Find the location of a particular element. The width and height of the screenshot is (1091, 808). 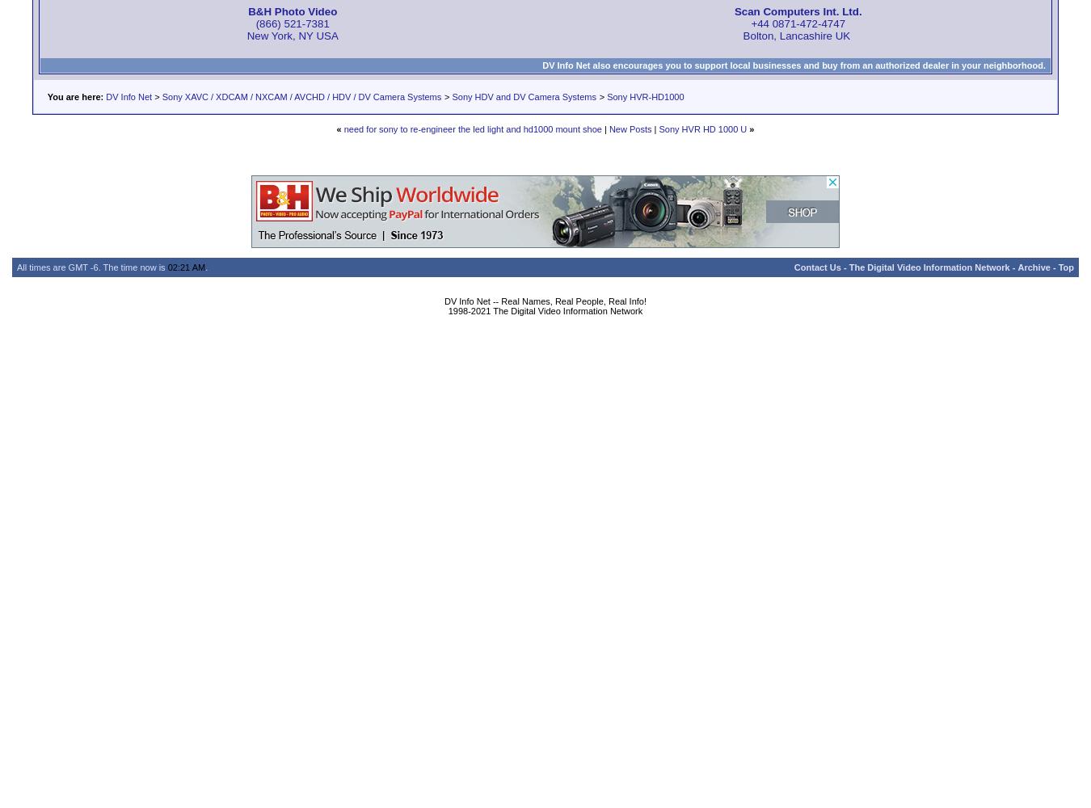

'.' is located at coordinates (204, 267).